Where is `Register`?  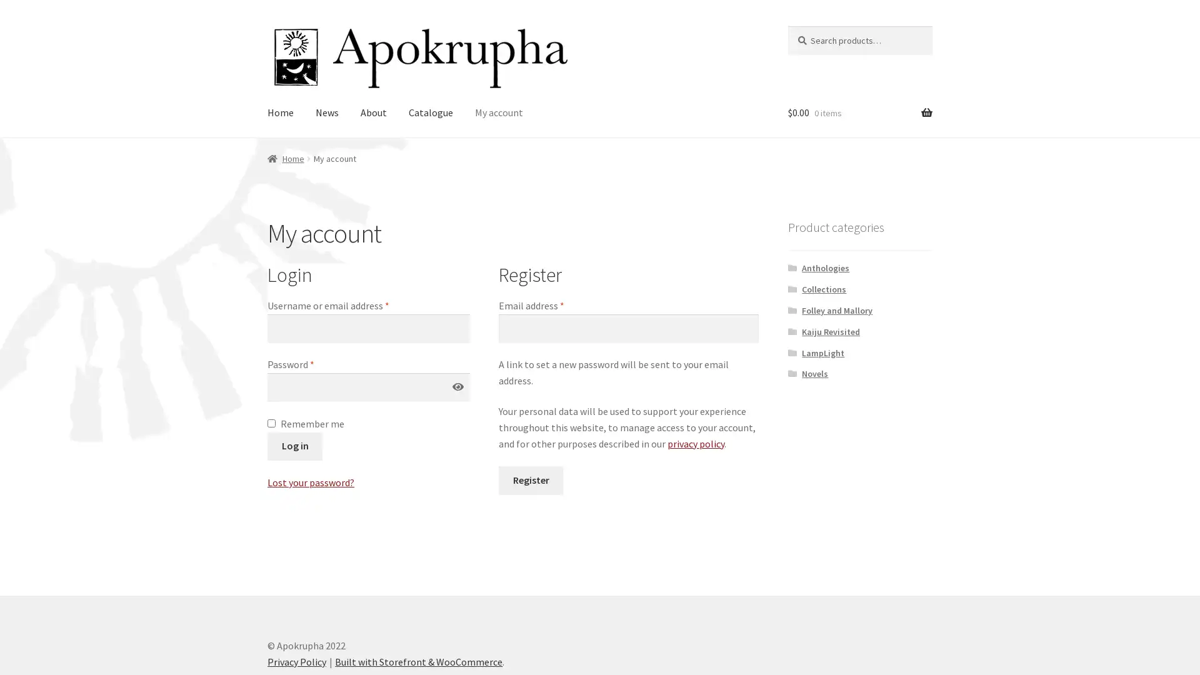 Register is located at coordinates (531, 479).